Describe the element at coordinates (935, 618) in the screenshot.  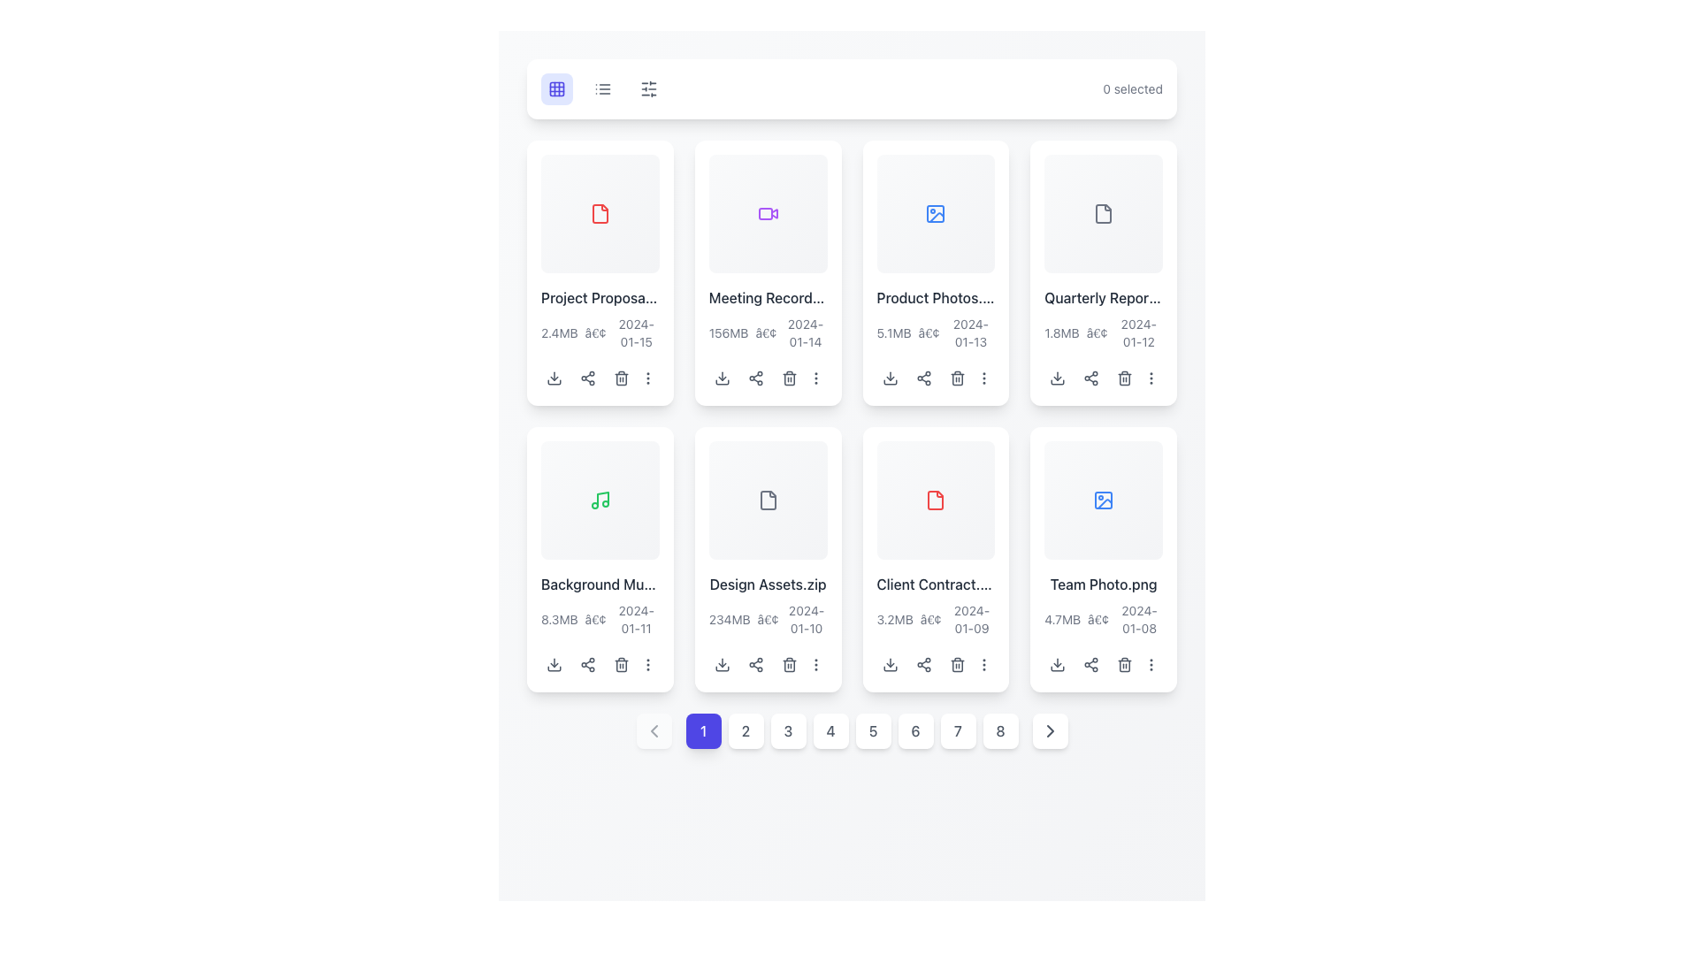
I see `the text label displaying file details, including size '3.2MB', a dot separator '•', and a date '2024-01-09', located beneath the 'Client Contract.pdf' file name in the fourth card of the second row` at that location.